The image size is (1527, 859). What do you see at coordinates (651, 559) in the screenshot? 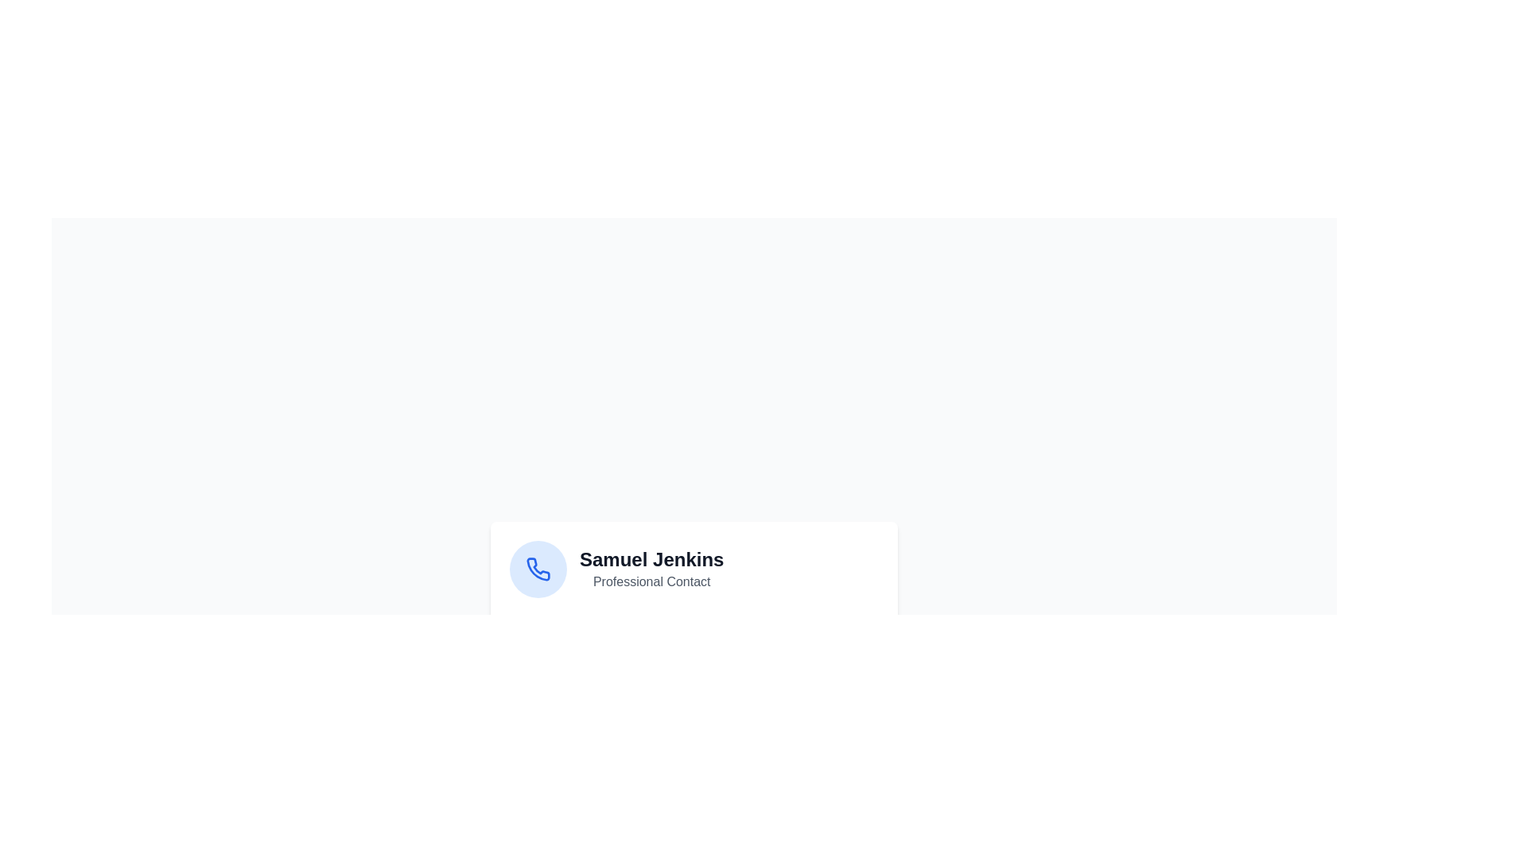
I see `the bold, large-sized text 'Samuel Jenkins' which is positioned above the smaller text 'Professional Contact' and adjacent to a phone icon` at bounding box center [651, 559].